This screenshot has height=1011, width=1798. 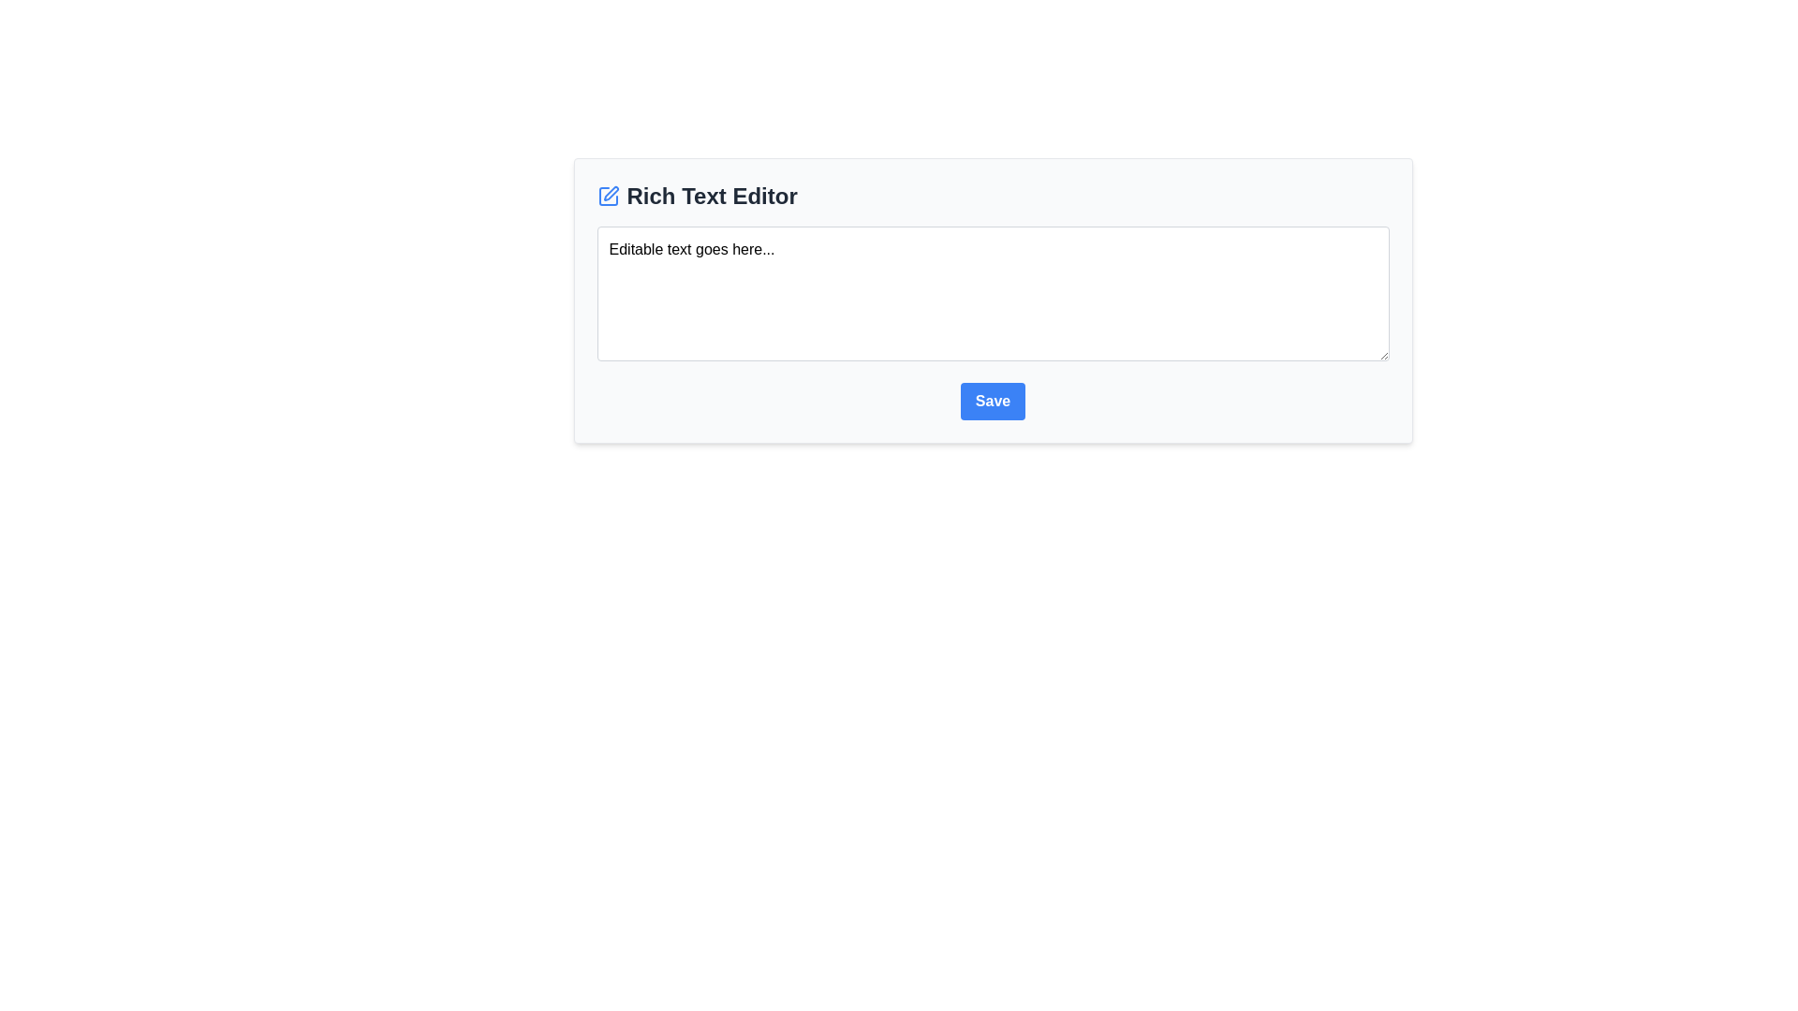 I want to click on the 'Rich Text Editor' header, which is a bold, large text element prominently displayed in the top-left quadrant of the interface, so click(x=711, y=196).